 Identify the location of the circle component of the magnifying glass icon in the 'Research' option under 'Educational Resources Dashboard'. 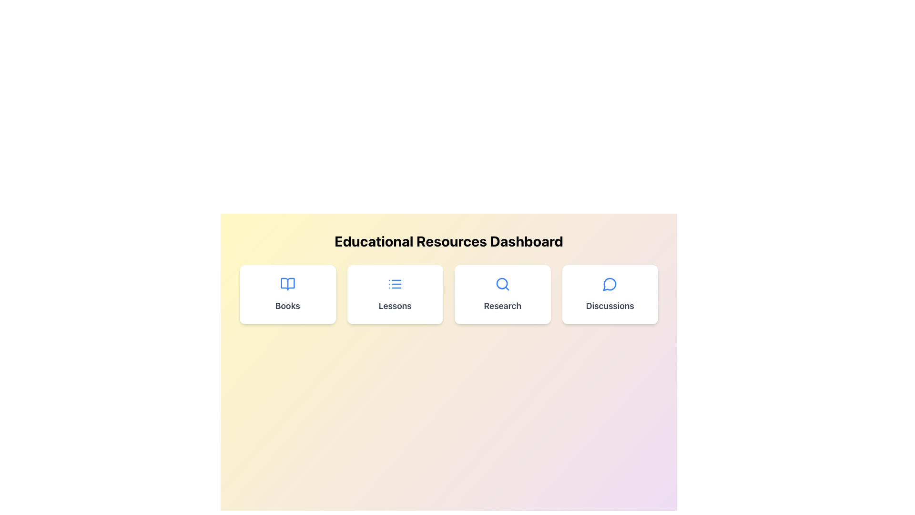
(501, 283).